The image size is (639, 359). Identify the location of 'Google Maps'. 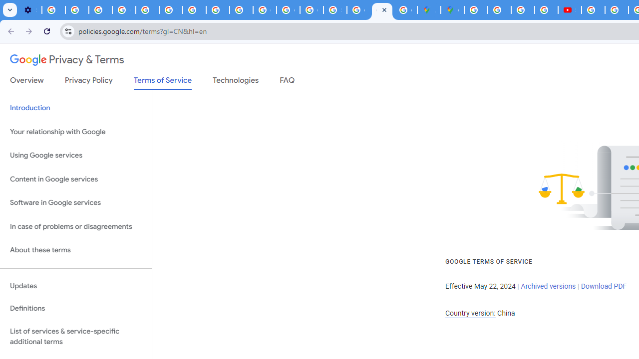
(452, 10).